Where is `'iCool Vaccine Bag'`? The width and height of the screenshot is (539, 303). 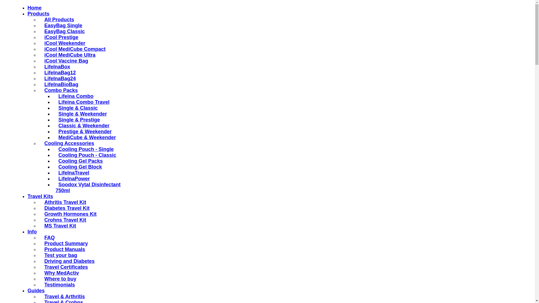 'iCool Vaccine Bag' is located at coordinates (65, 61).